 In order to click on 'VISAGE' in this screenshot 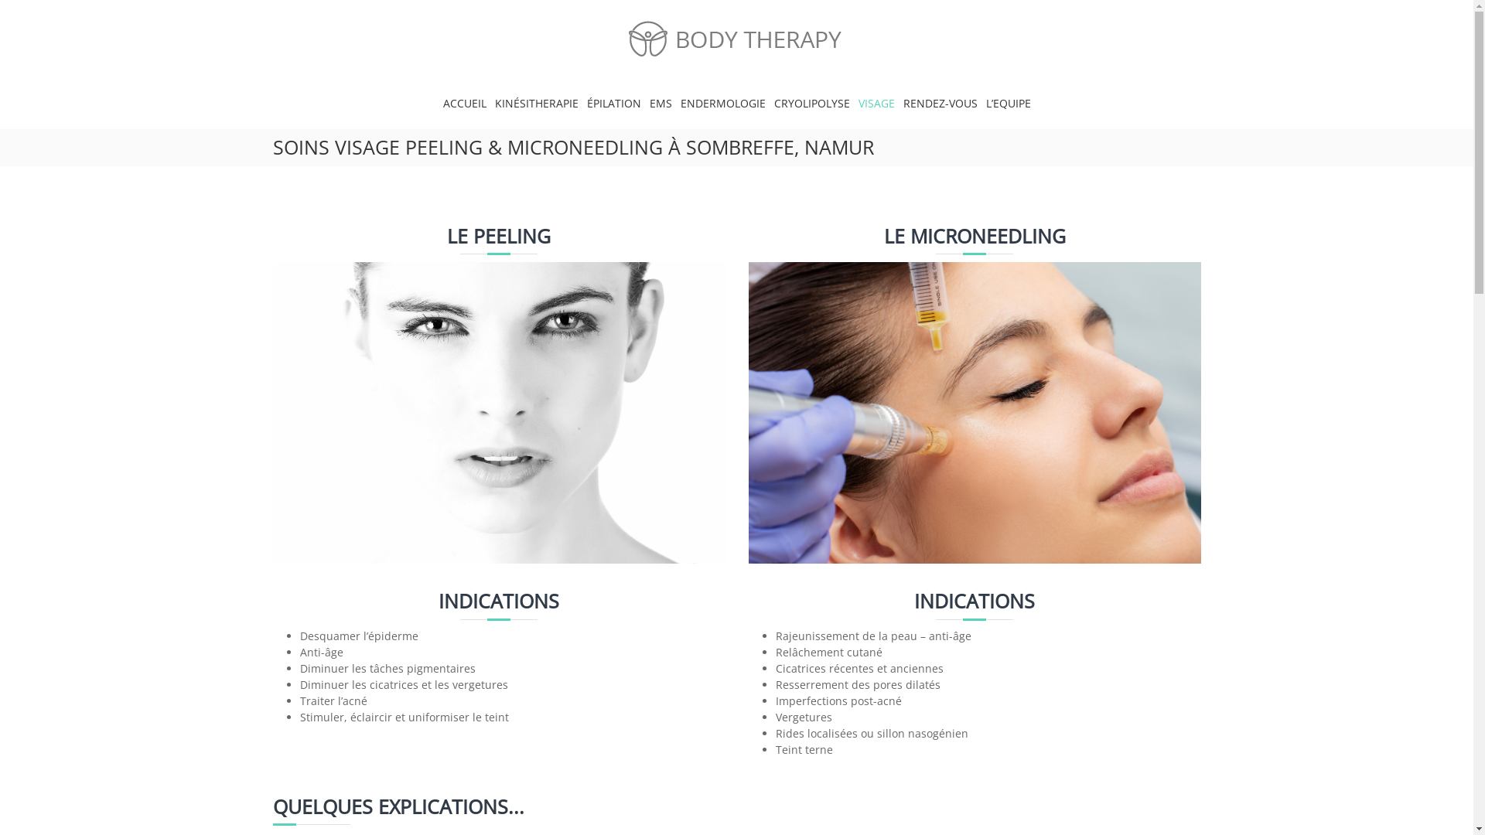, I will do `click(876, 103)`.